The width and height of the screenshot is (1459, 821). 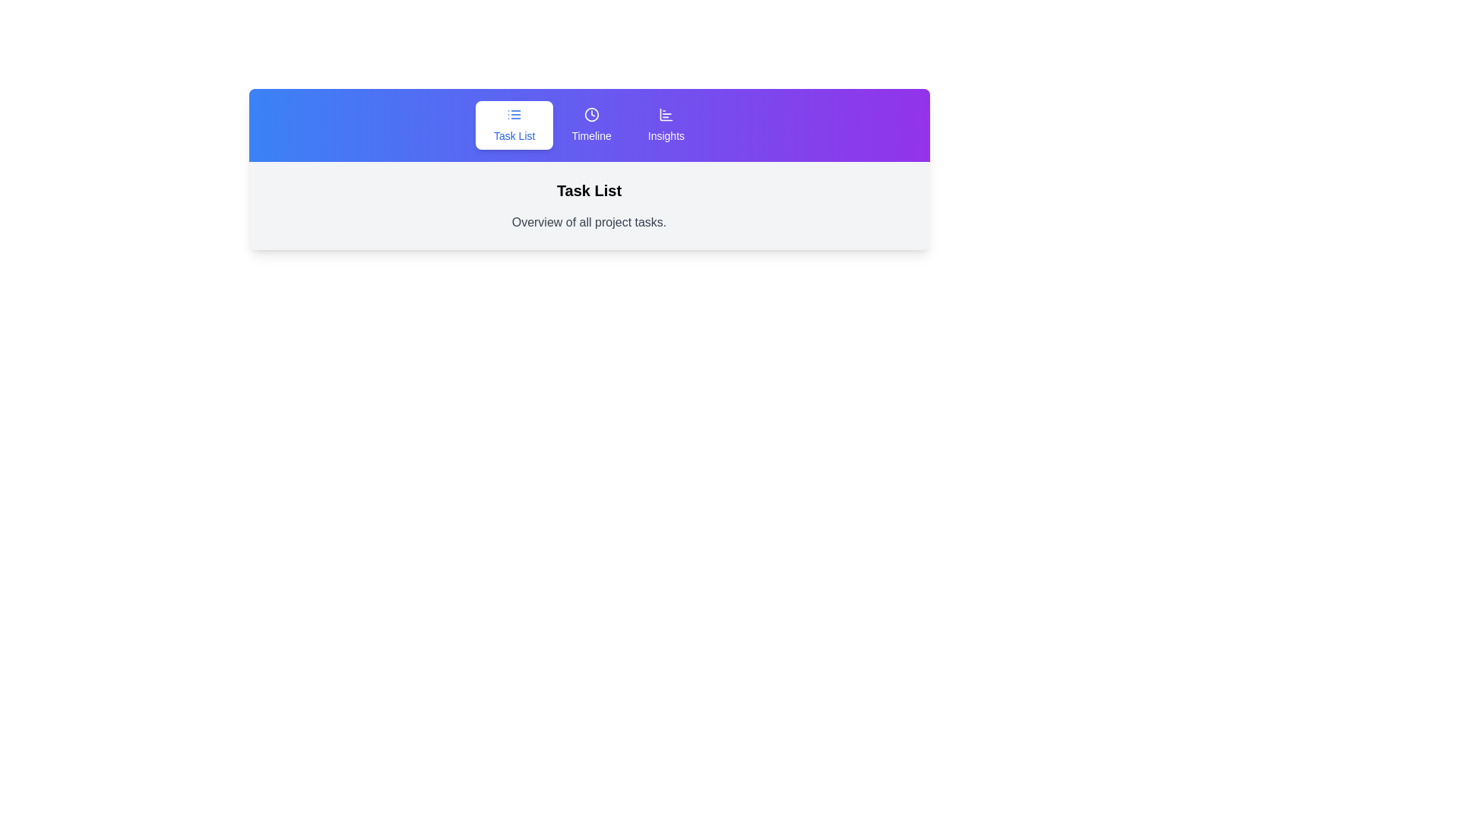 What do you see at coordinates (514, 125) in the screenshot?
I see `the Task List tab to view its hover state` at bounding box center [514, 125].